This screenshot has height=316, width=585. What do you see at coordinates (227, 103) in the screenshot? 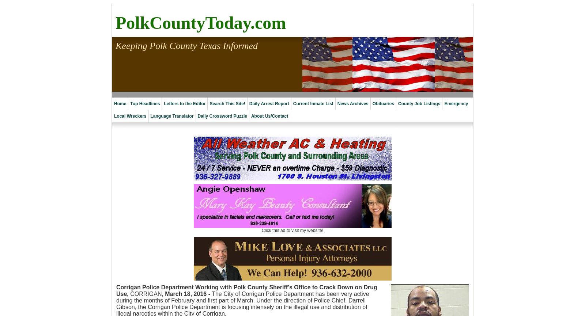
I see `'Search This Site!'` at bounding box center [227, 103].